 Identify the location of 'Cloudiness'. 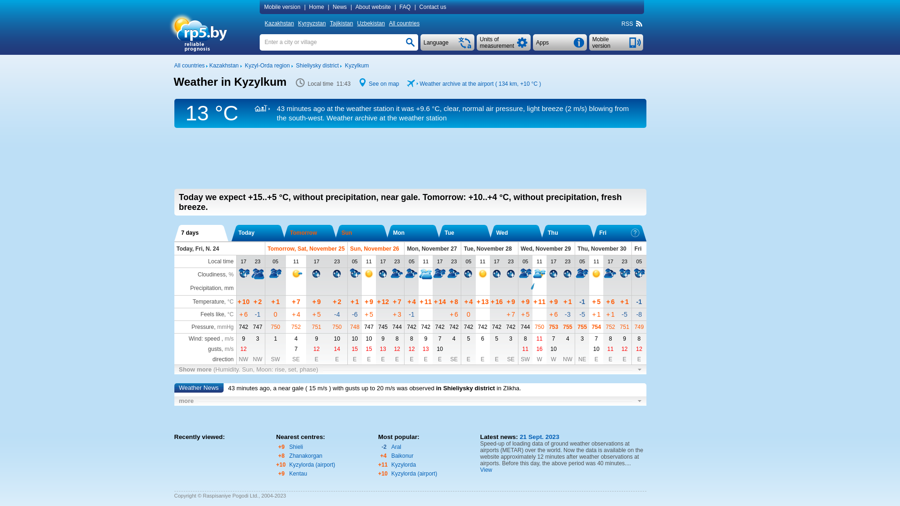
(211, 274).